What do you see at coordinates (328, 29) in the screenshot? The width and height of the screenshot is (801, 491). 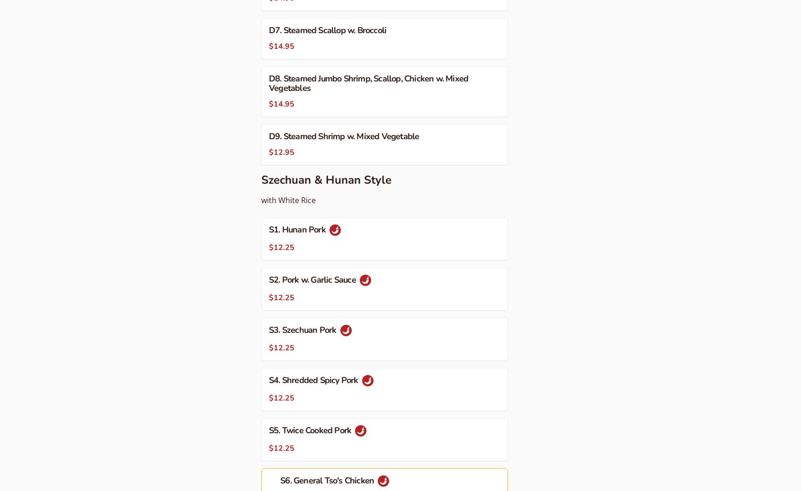 I see `'D7. Steamed Scallop w. Broccoli'` at bounding box center [328, 29].